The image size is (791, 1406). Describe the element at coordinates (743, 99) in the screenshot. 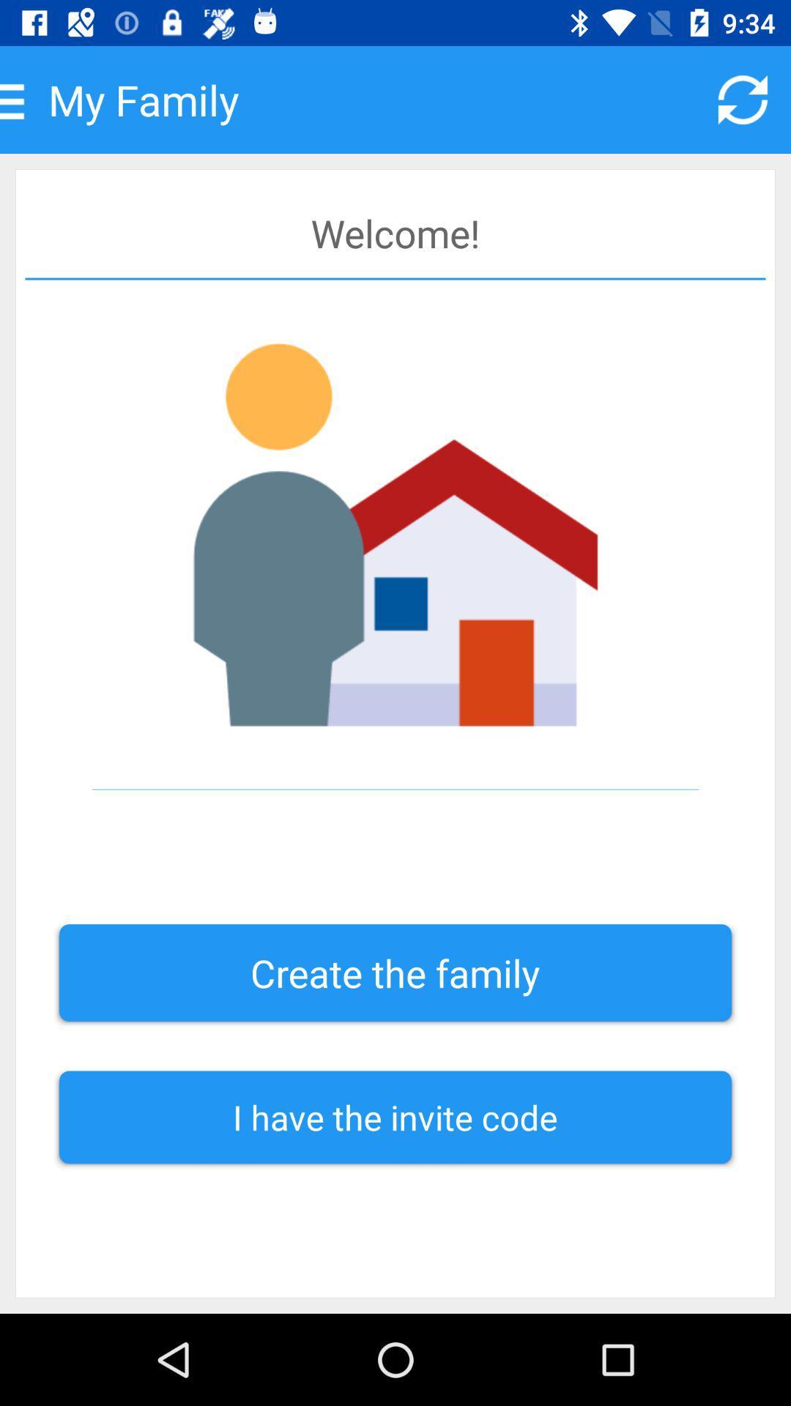

I see `item next to my family icon` at that location.